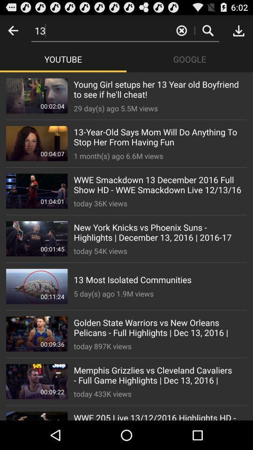  I want to click on the close icon, so click(181, 32).